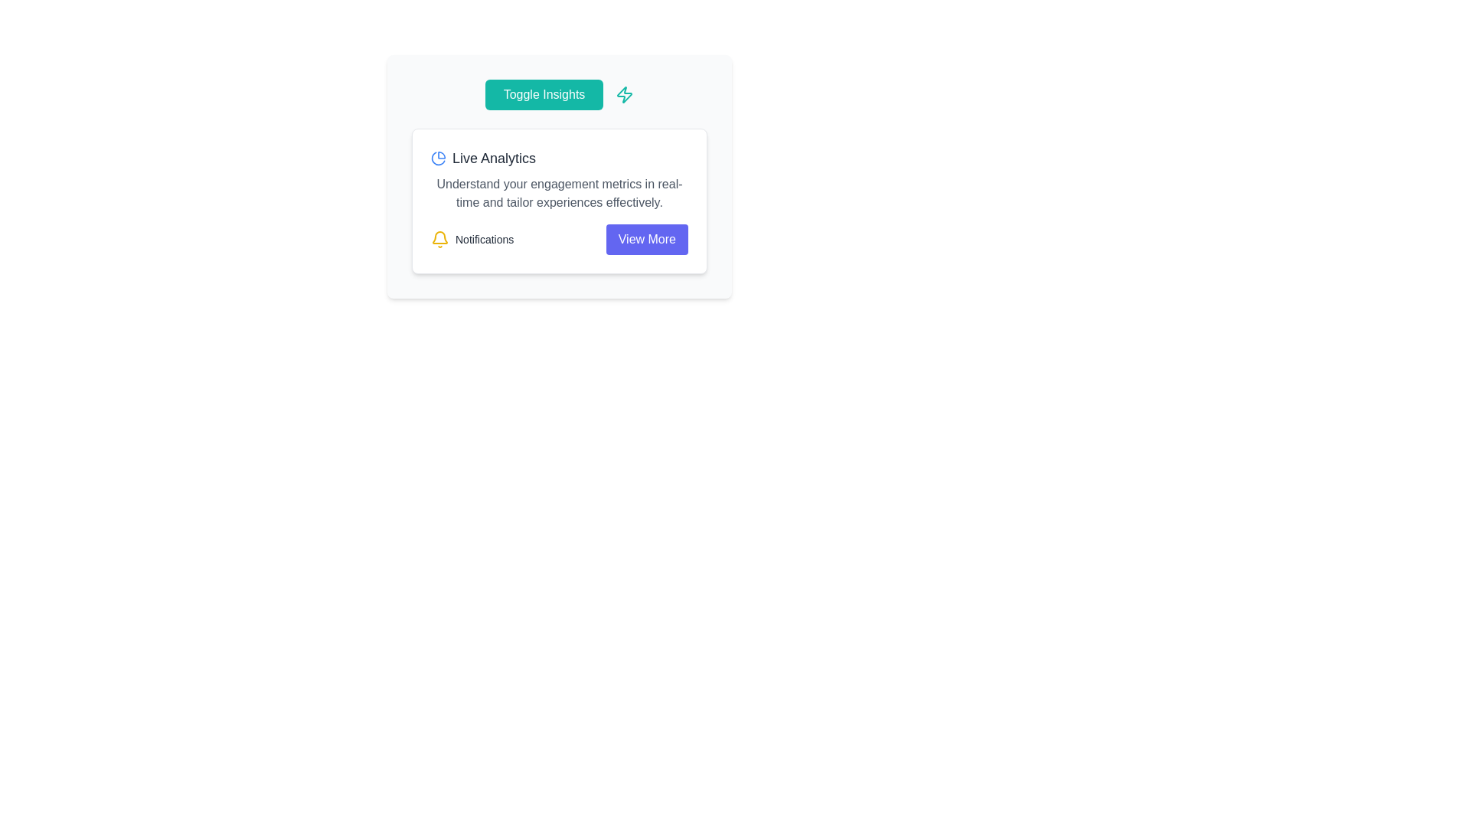 The width and height of the screenshot is (1470, 827). I want to click on the notification icon located at the bottom-left part of the card interface, adjacent to the 'Notifications' text label for keyboard navigation, so click(439, 237).